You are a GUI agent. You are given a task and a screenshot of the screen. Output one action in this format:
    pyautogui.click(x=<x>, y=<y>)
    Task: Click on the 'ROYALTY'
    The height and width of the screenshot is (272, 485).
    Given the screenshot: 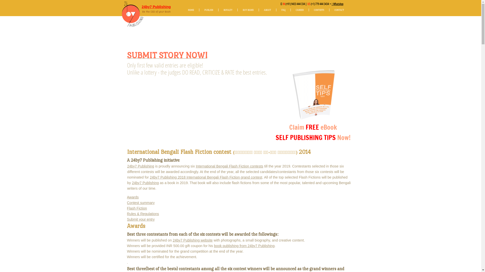 What is the action you would take?
    pyautogui.click(x=228, y=10)
    